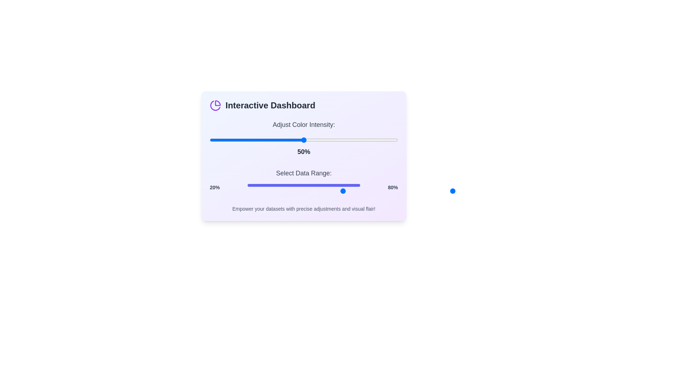 The image size is (684, 385). I want to click on descriptive text and feedback information from the Interactive Dashboard Card positioned at the center of the layout, so click(304, 156).